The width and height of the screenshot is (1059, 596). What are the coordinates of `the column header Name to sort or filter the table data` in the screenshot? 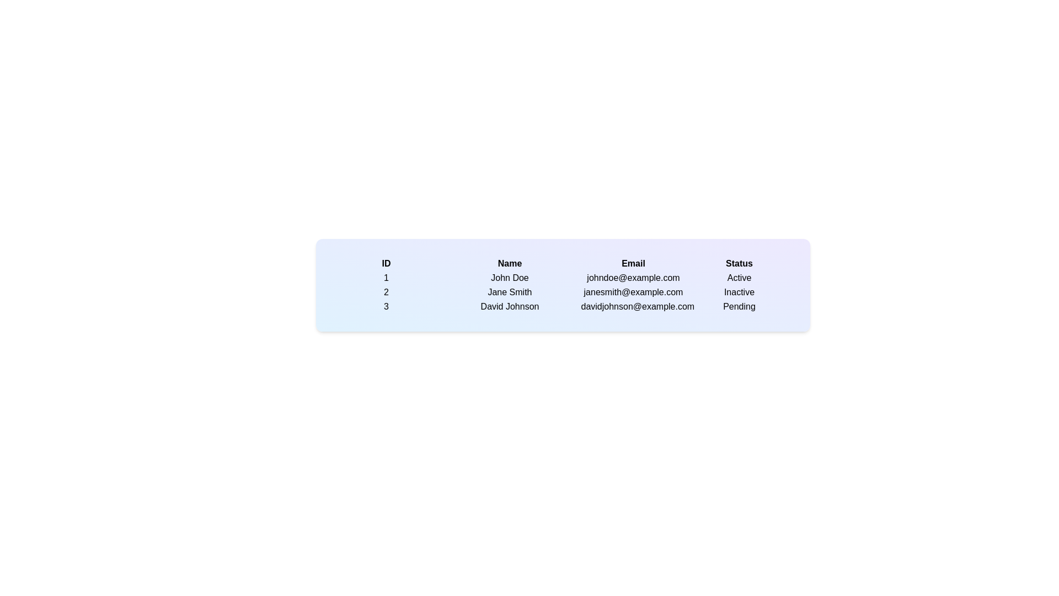 It's located at (509, 264).